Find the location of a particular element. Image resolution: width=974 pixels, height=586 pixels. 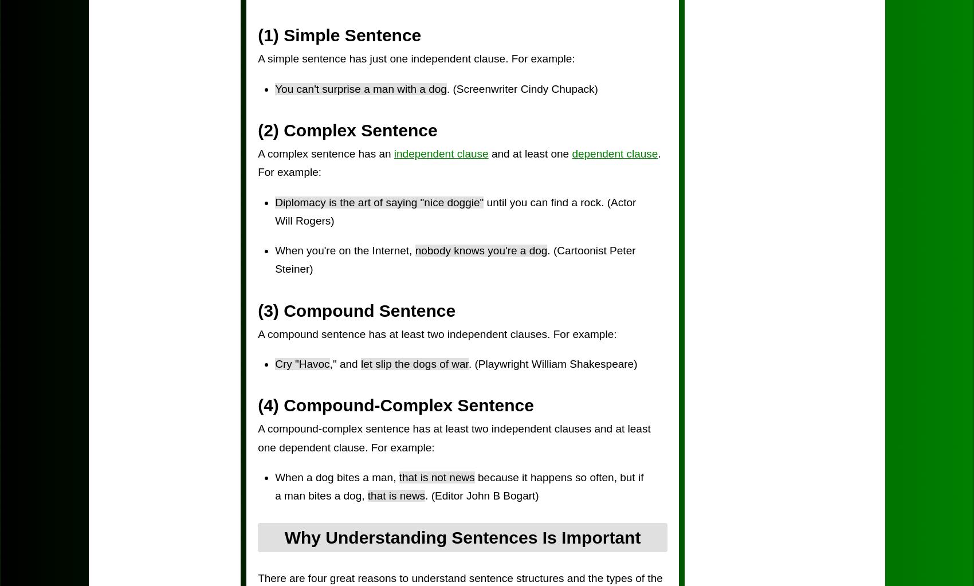

'(2) Complex Sentence' is located at coordinates (347, 129).